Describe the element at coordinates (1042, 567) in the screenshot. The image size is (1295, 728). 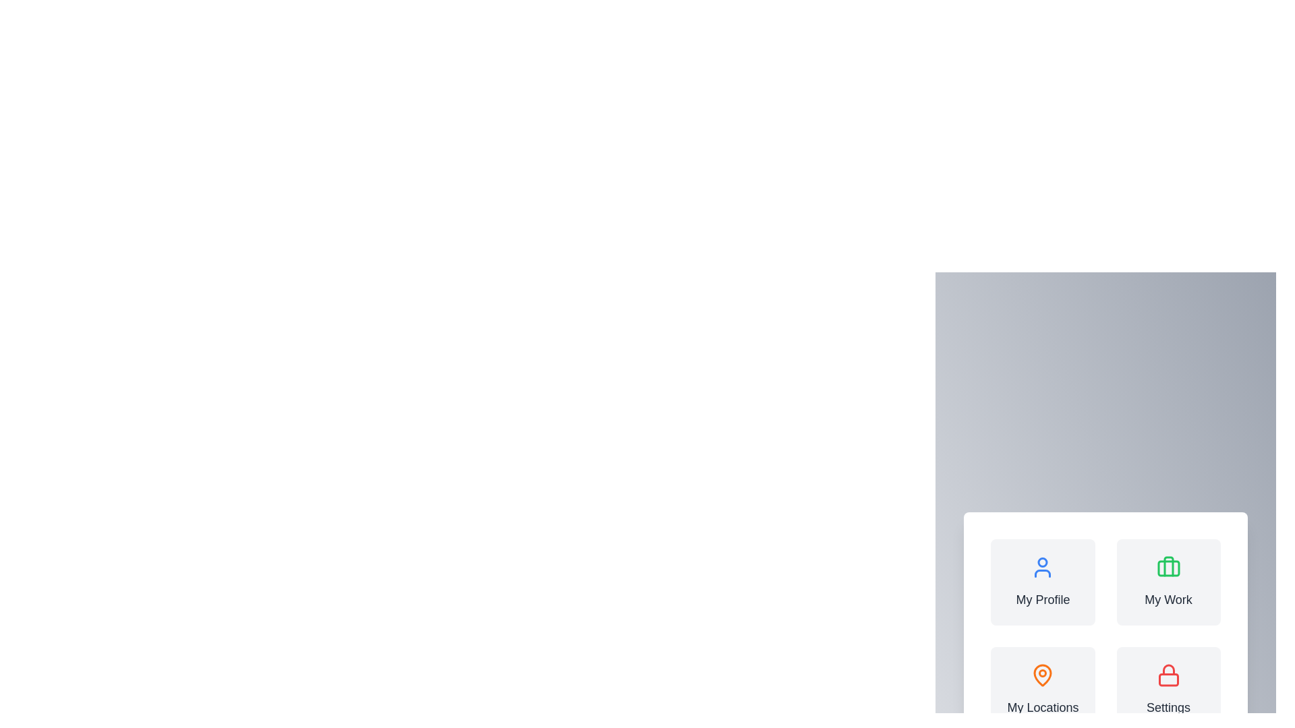
I see `the user icon styled in a flat design format, characterized by its circular head and shoulders outline in blue color, located within the 'My Profile' card at the top-left of the grid` at that location.